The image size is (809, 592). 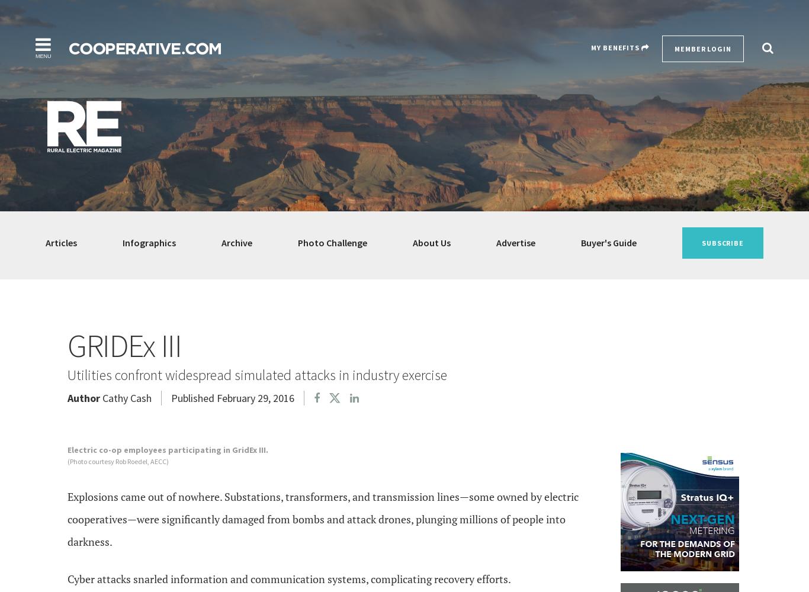 I want to click on 'Published', so click(x=192, y=397).